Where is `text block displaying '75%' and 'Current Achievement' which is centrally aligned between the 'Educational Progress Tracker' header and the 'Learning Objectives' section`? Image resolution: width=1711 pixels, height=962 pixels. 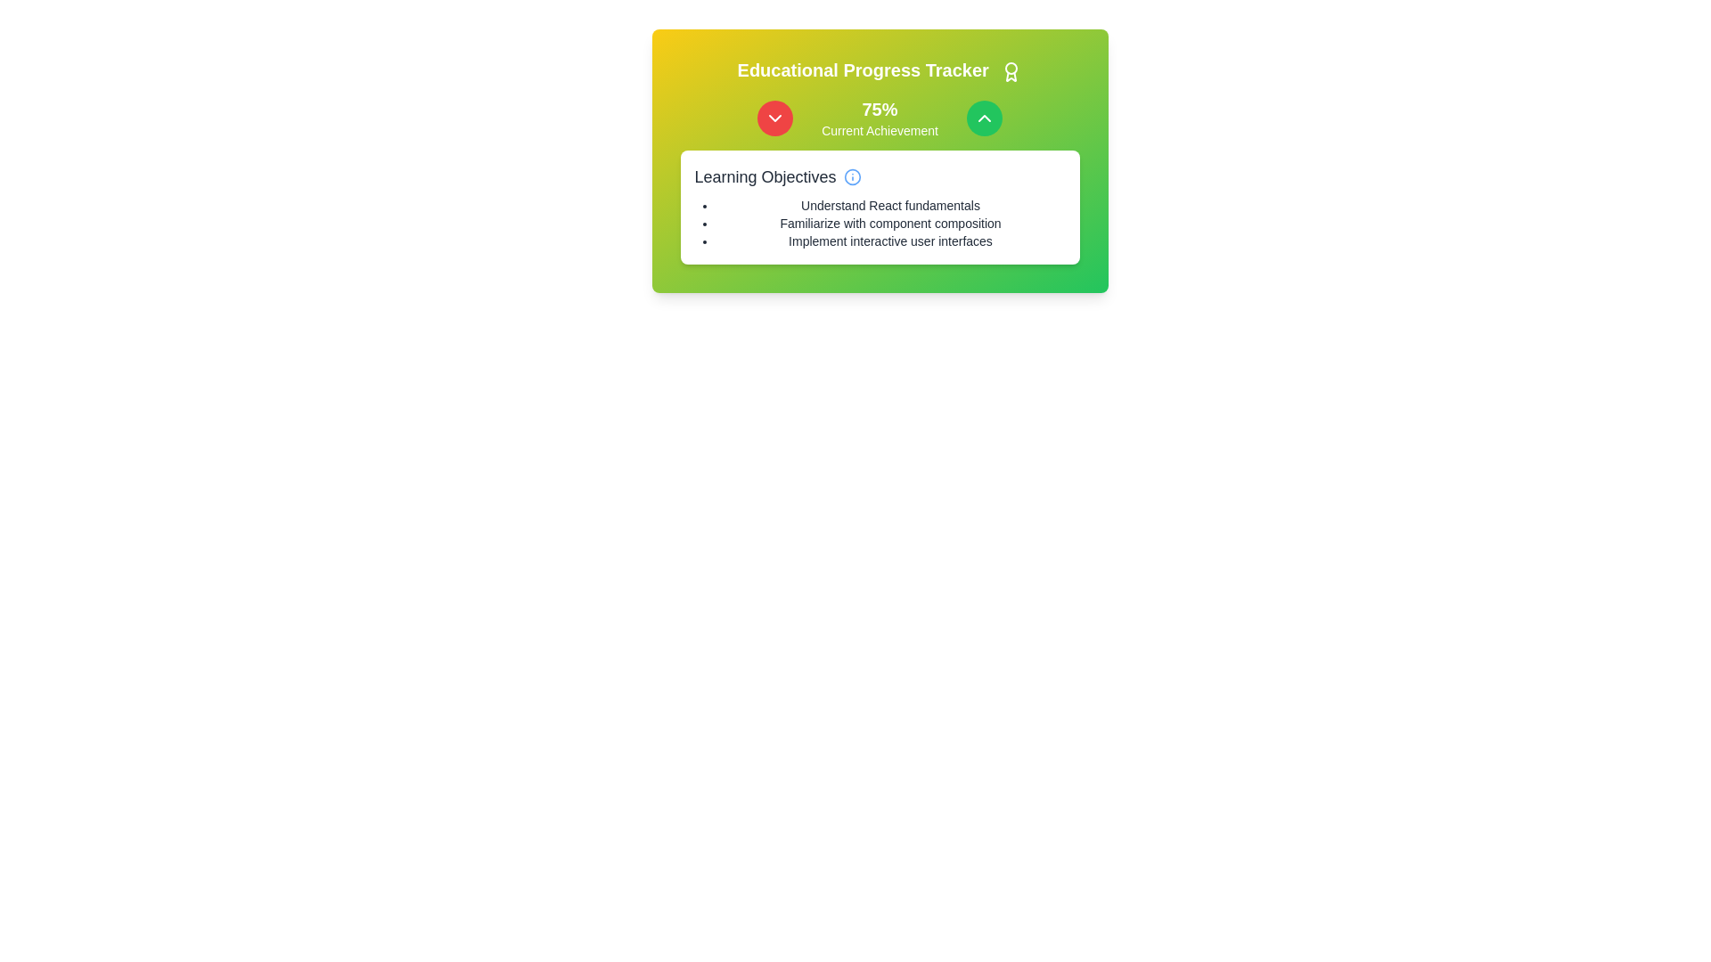 text block displaying '75%' and 'Current Achievement' which is centrally aligned between the 'Educational Progress Tracker' header and the 'Learning Objectives' section is located at coordinates (880, 118).